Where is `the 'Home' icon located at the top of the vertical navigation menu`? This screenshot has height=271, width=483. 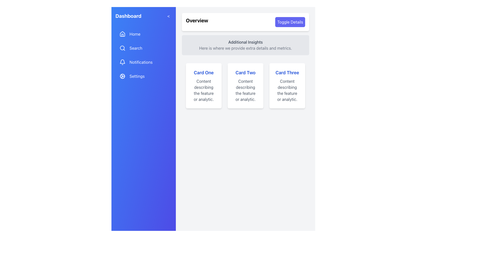
the 'Home' icon located at the top of the vertical navigation menu is located at coordinates (122, 34).